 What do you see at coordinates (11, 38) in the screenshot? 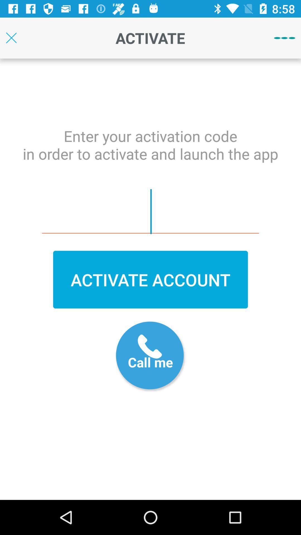
I see `the page` at bounding box center [11, 38].